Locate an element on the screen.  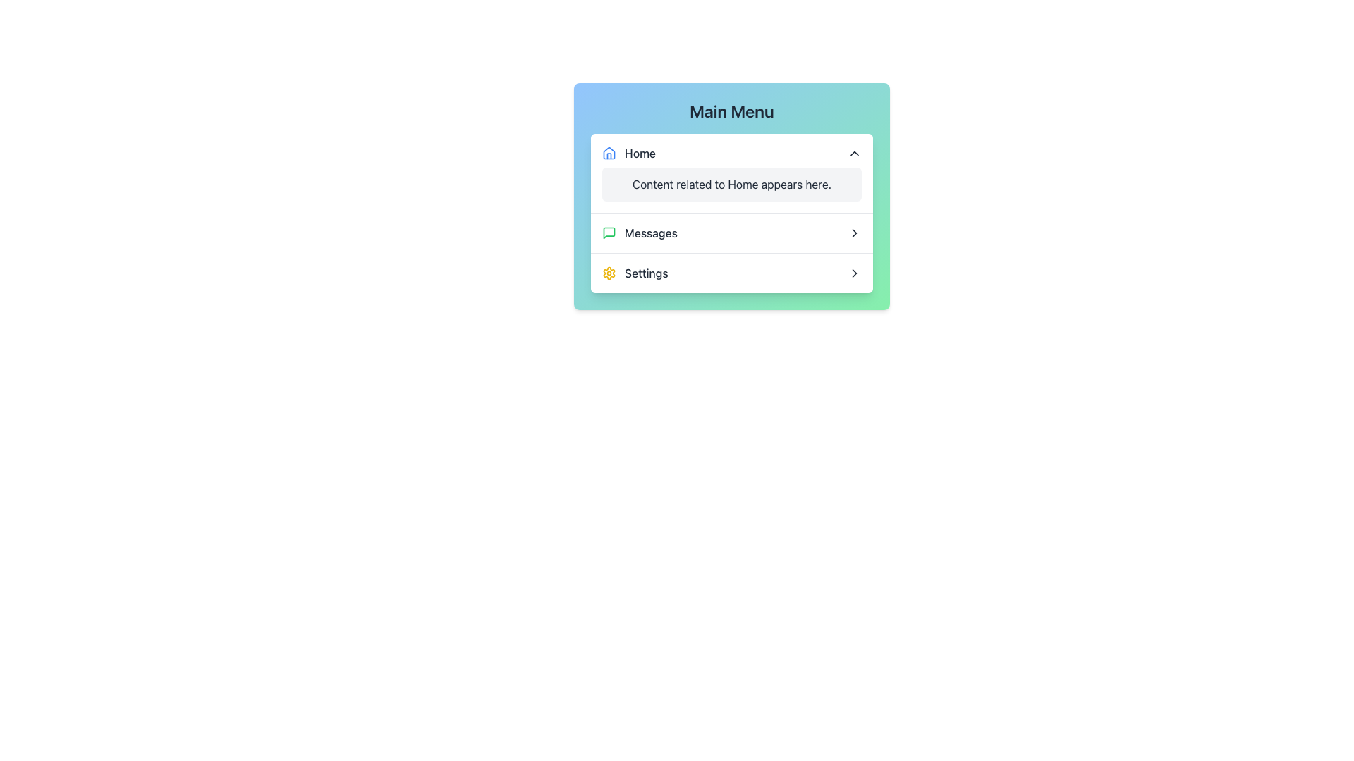
the blue house icon, which represents the Home section in the Main Menu is located at coordinates (609, 154).